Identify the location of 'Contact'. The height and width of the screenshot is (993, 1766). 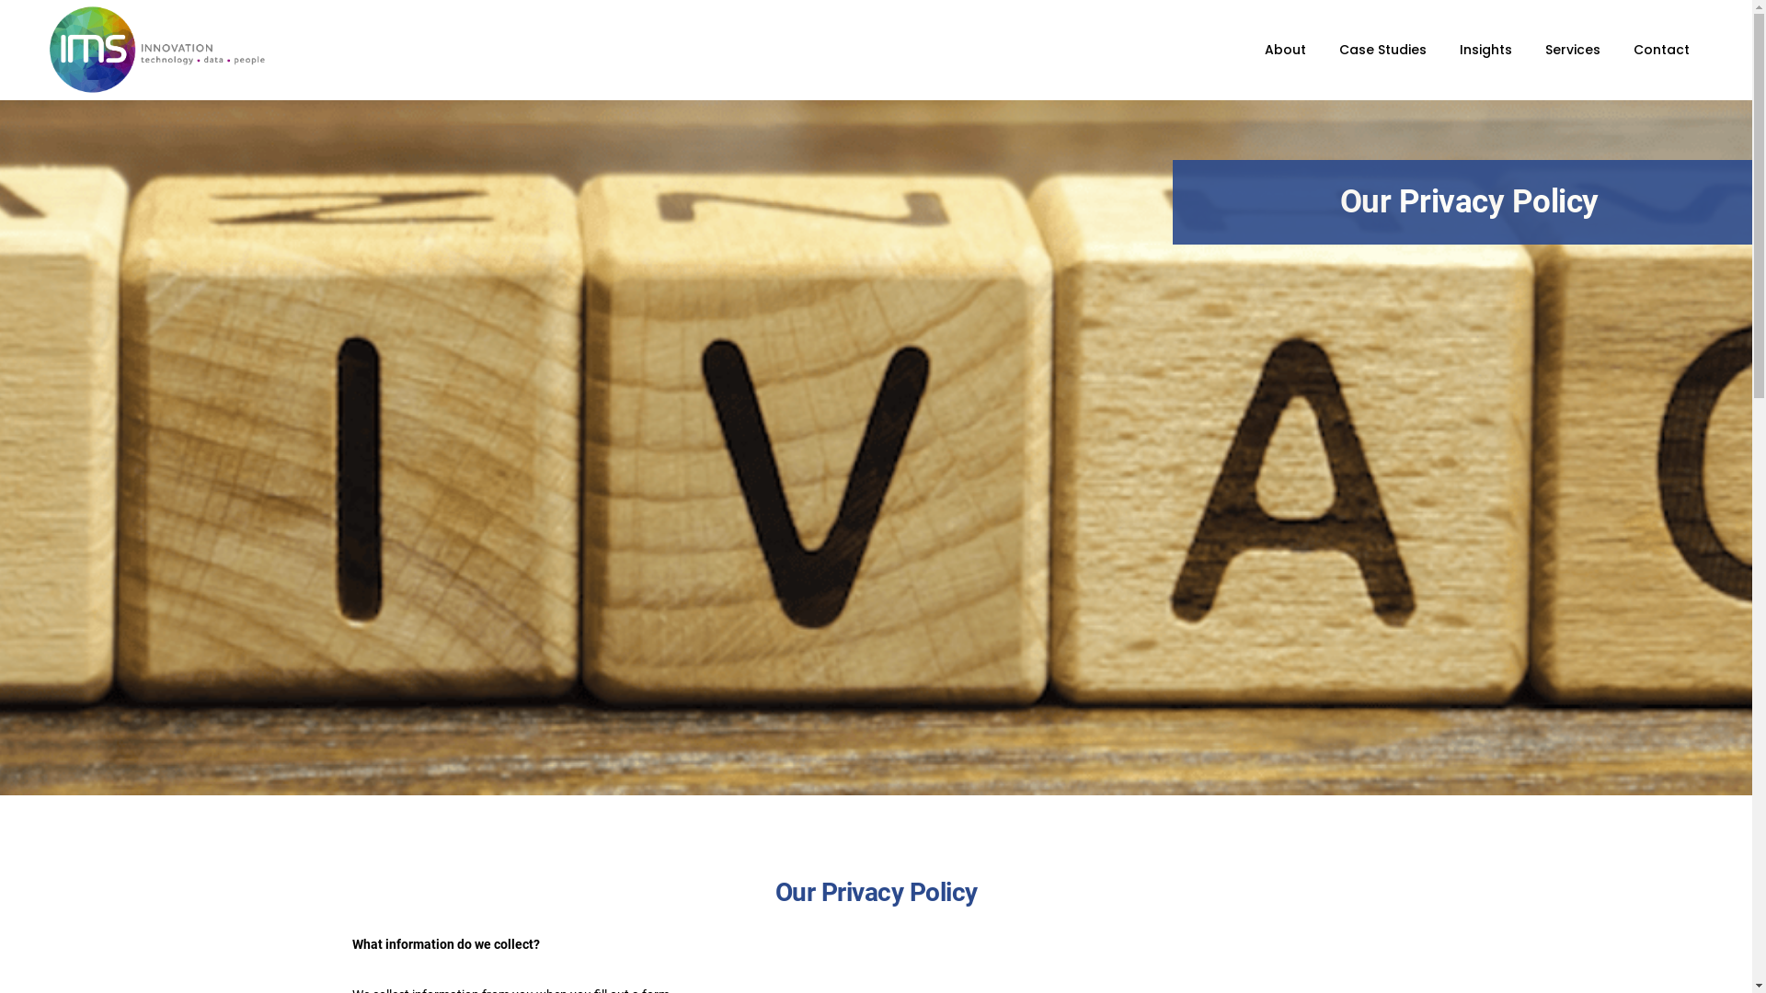
(1634, 49).